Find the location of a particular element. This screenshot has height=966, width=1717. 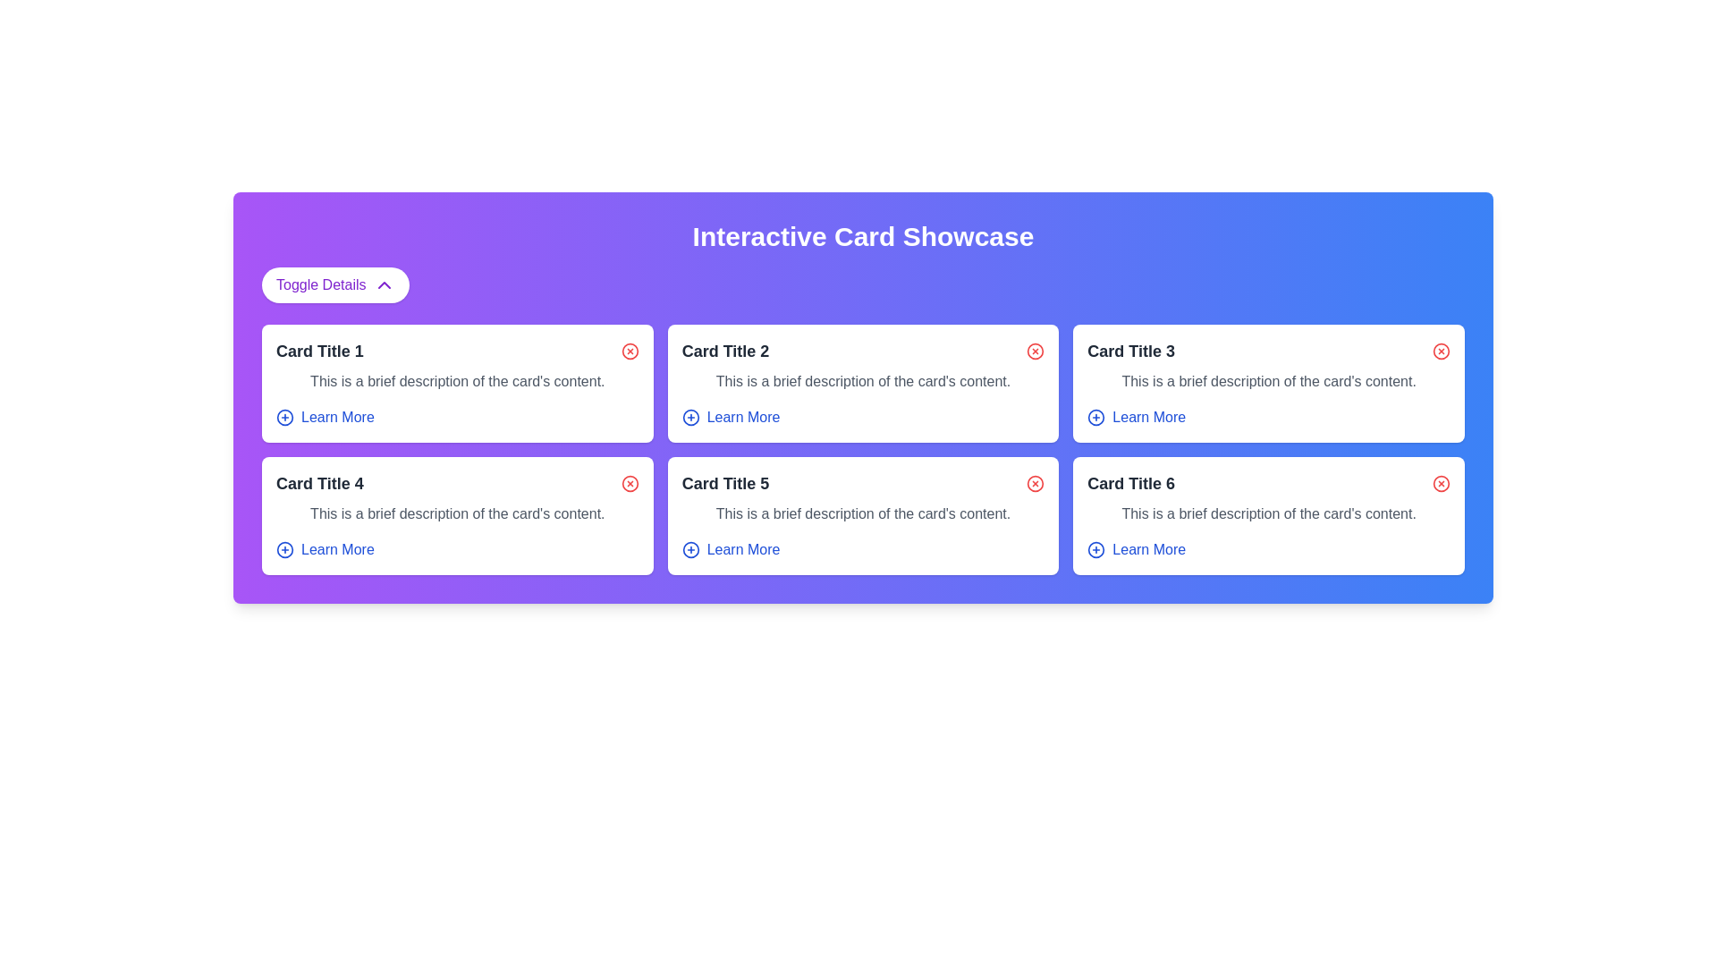

the circular 'plus' icon component located in the second card of the first row in the card grid layout, which is next to the 'Learn More' link is located at coordinates (689, 417).